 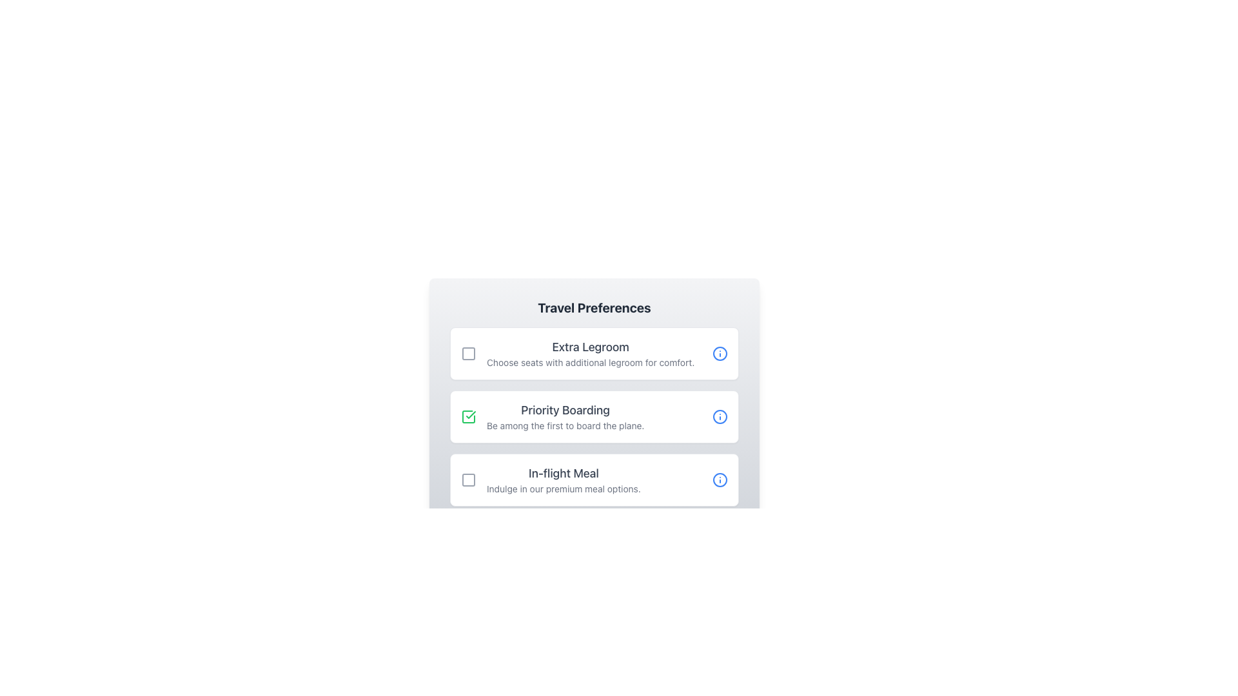 What do you see at coordinates (590, 347) in the screenshot?
I see `the Text Label indicating the option for selecting seats with extra legroom in the 'Travel Preferences' section` at bounding box center [590, 347].